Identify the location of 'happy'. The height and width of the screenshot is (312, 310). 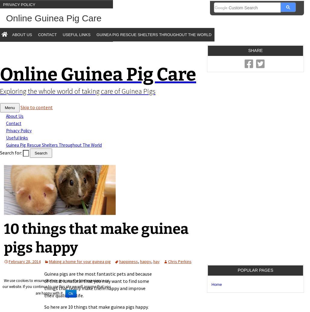
(145, 261).